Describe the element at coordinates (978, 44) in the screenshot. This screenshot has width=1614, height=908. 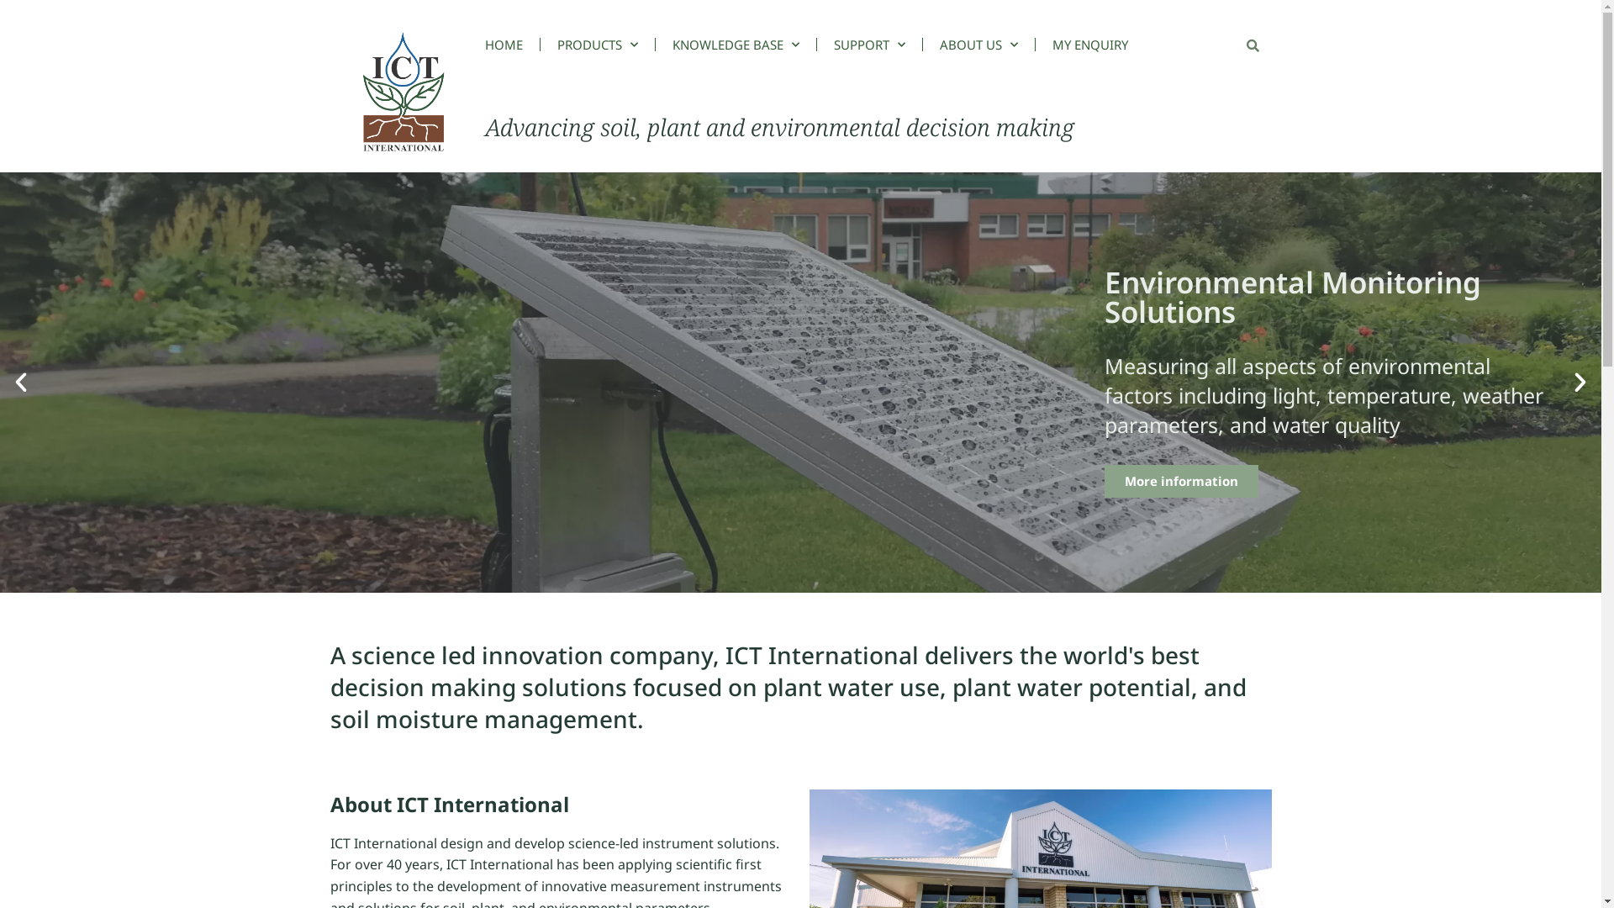
I see `'ABOUT US'` at that location.